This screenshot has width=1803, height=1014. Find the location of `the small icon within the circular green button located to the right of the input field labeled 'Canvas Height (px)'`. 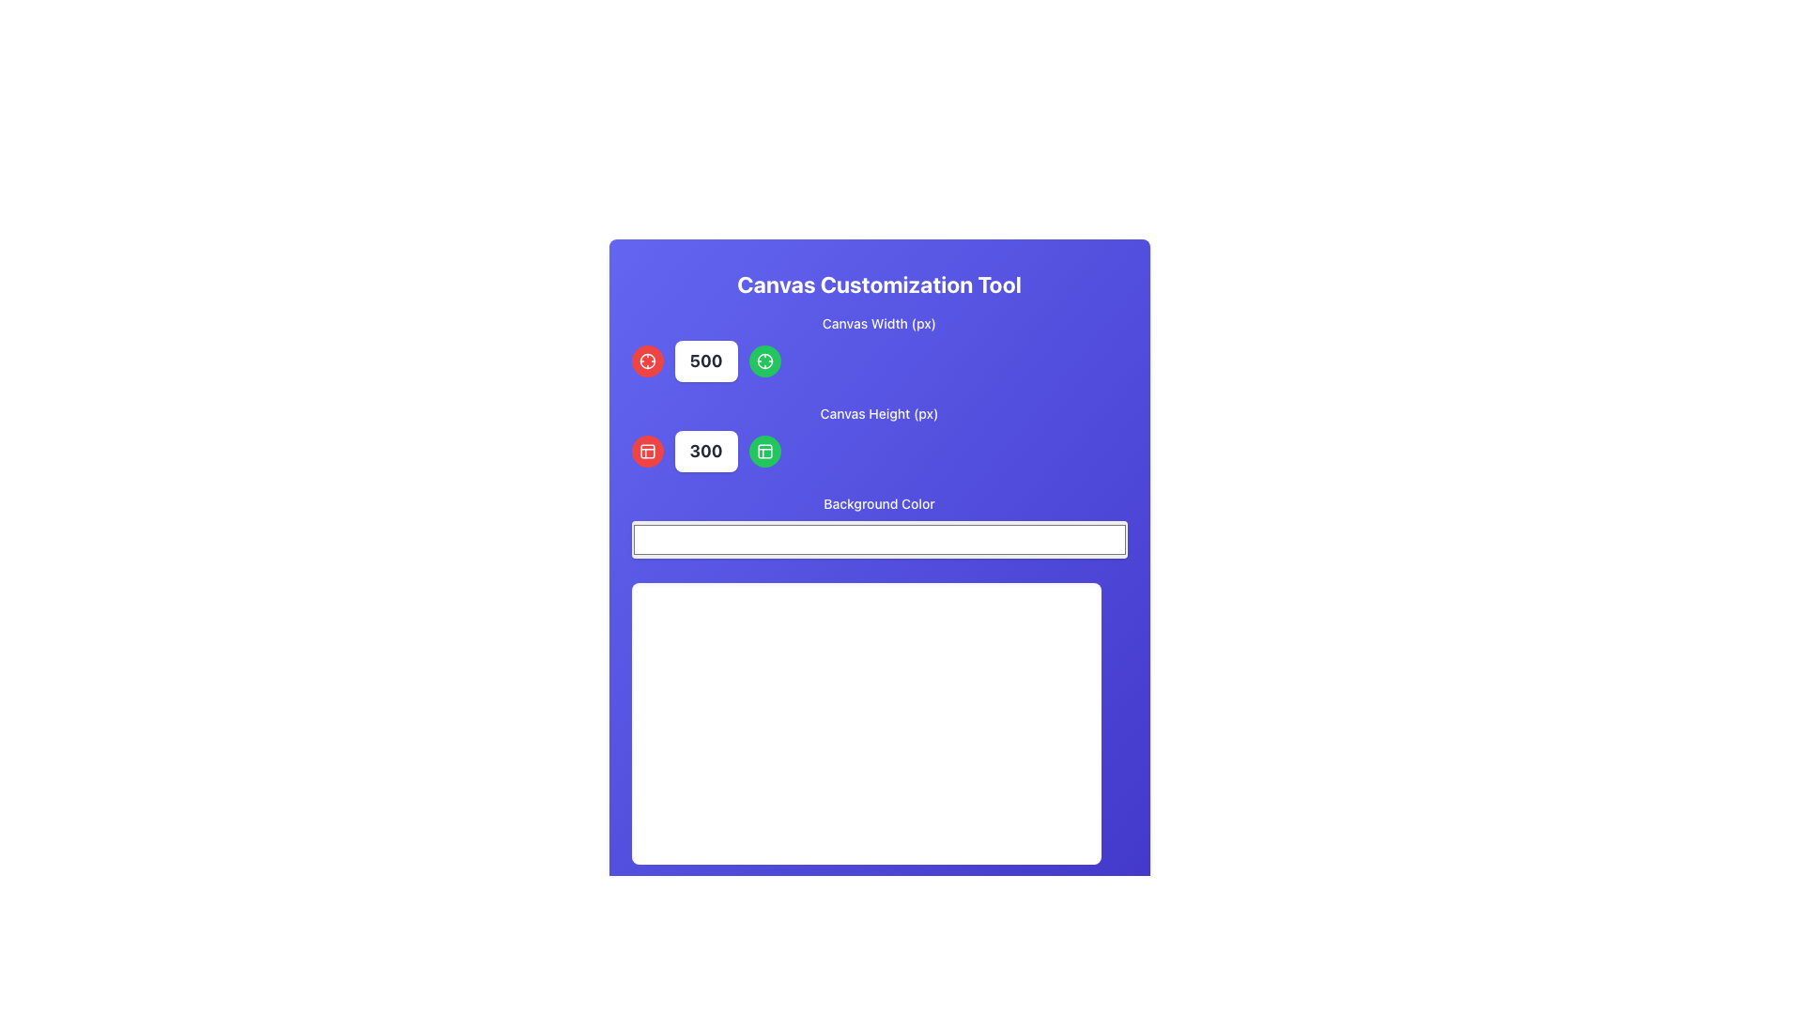

the small icon within the circular green button located to the right of the input field labeled 'Canvas Height (px)' is located at coordinates (764, 452).